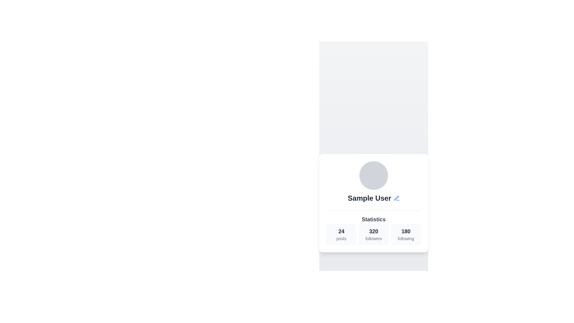 The image size is (574, 323). Describe the element at coordinates (406, 231) in the screenshot. I see `the text display showing the number '180' in bold, dark gray font, located centrally above the 'following' text within the user profile statistics card` at that location.